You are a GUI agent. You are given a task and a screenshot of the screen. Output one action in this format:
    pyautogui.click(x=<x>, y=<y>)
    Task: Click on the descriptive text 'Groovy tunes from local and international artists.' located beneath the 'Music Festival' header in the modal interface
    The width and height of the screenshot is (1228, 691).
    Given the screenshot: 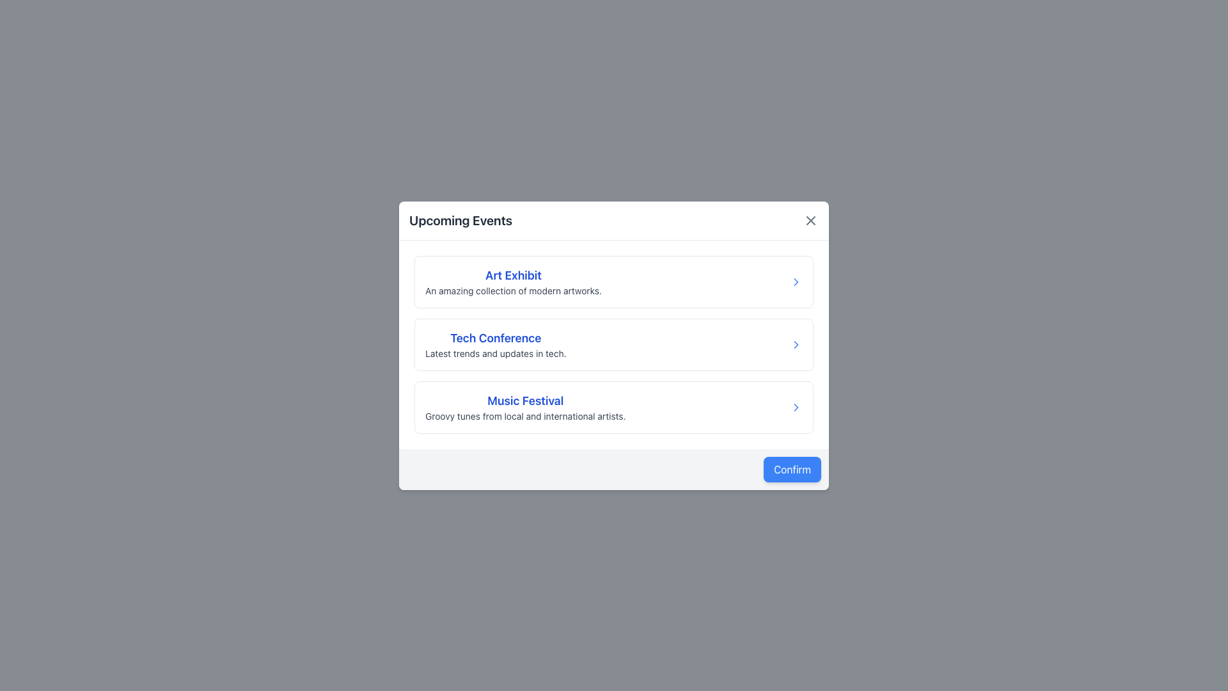 What is the action you would take?
    pyautogui.click(x=525, y=416)
    